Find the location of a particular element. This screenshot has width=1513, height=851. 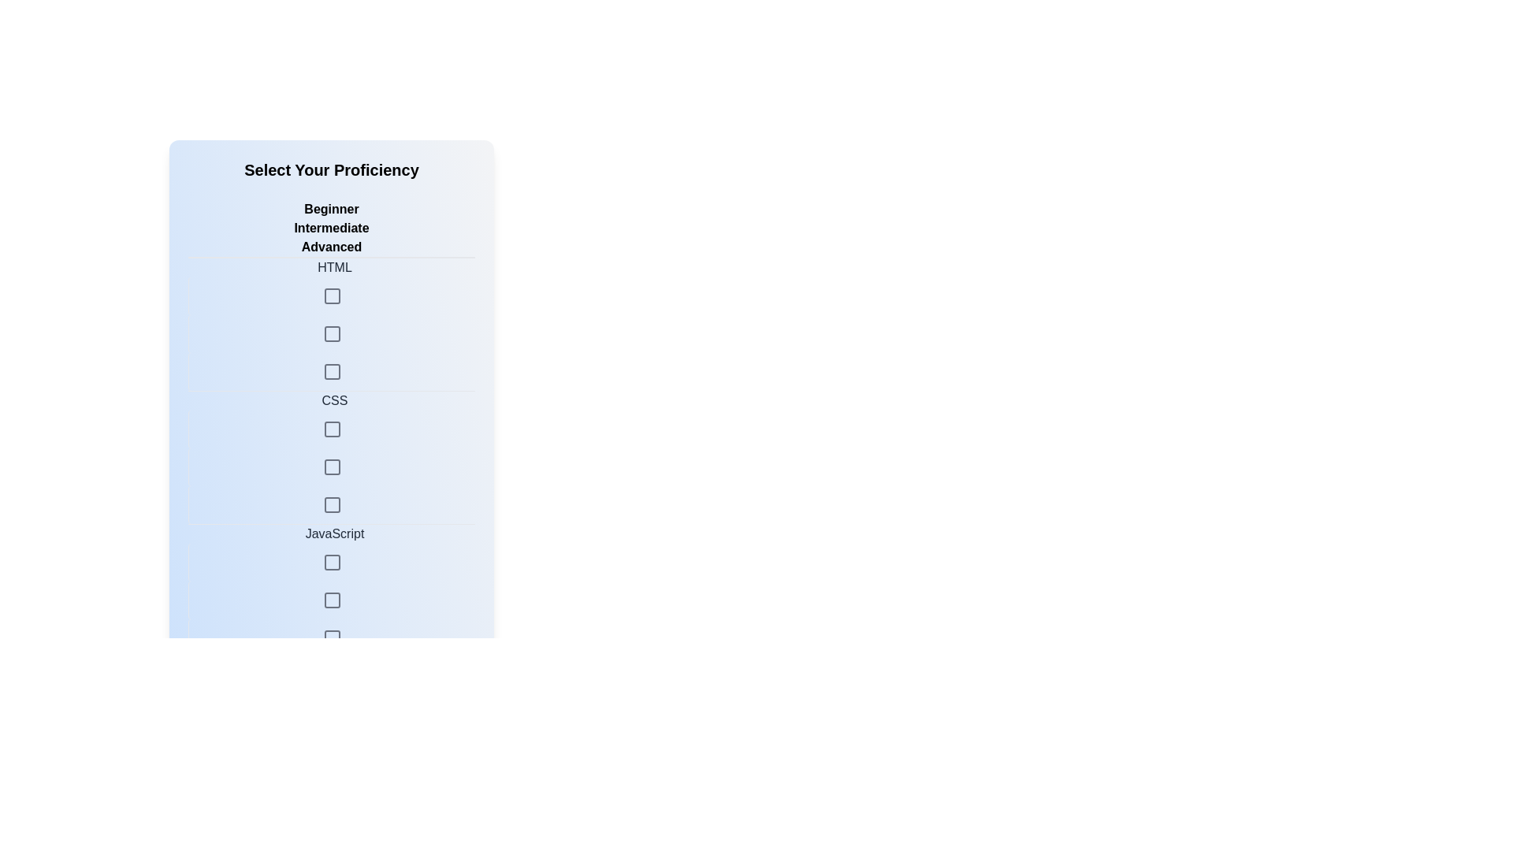

the skill level Advanced for the skill JavaScript is located at coordinates (331, 601).